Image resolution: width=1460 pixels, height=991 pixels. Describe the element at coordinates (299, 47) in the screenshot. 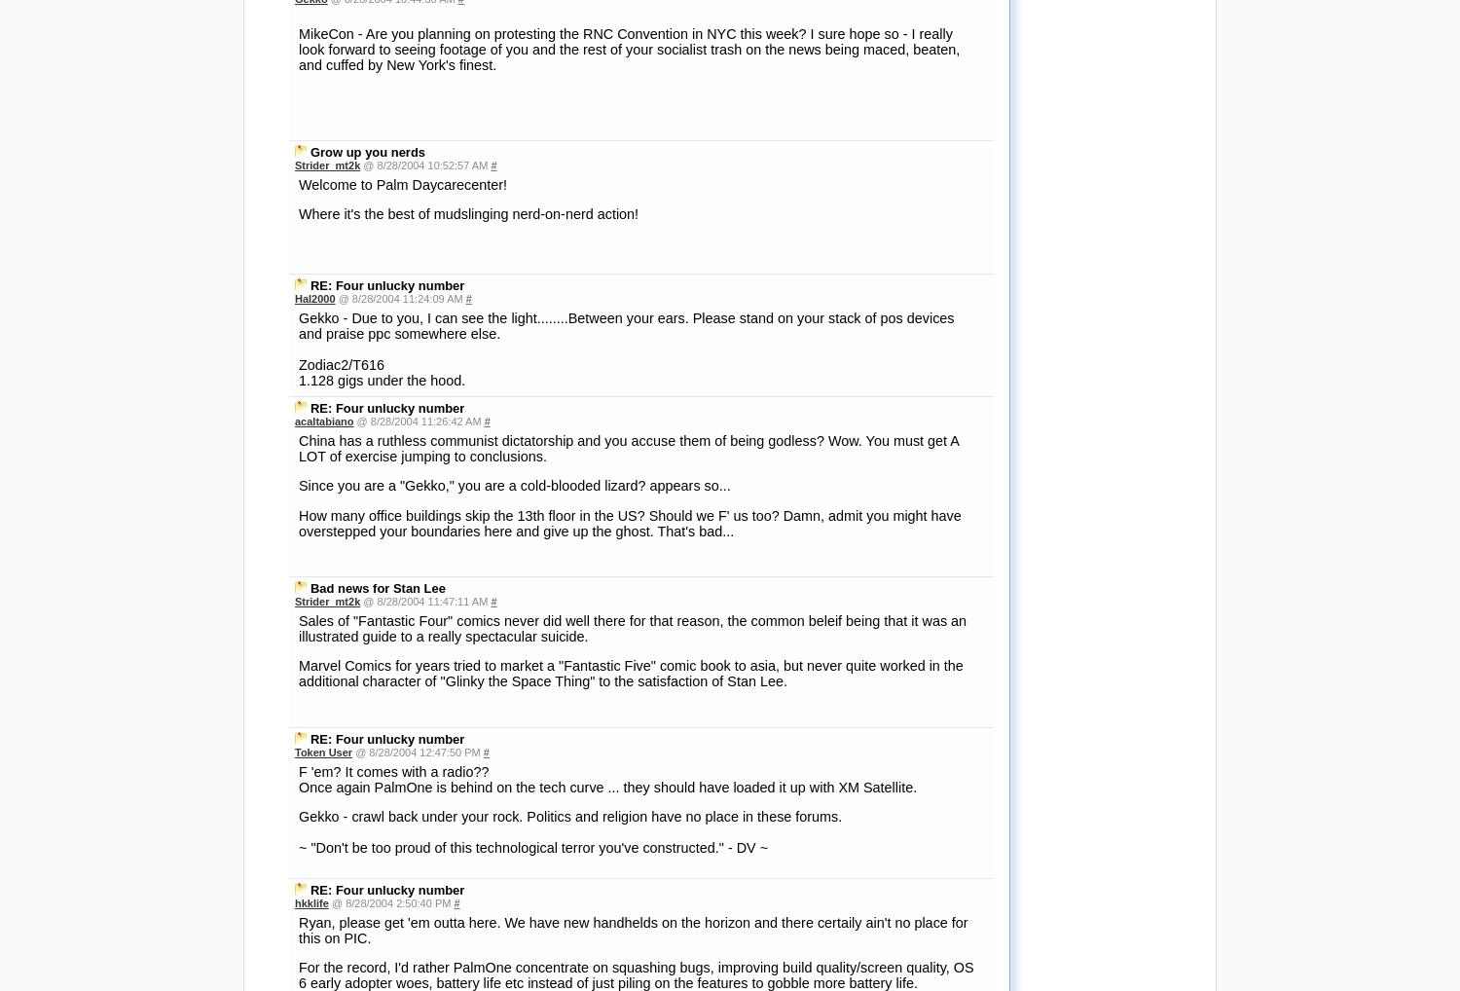

I see `'MikeCon - Are you planning on protesting the RNC Convention in NYC this week?  I sure hope so - I really look forward to seeing footage of you and the rest of your socialist trash on the news being maced, beaten, and cuffed by New York's finest.'` at that location.